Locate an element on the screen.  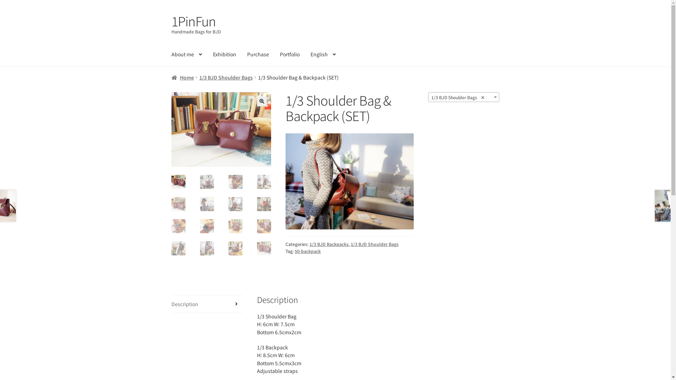
'1/3 BJD Shoulder Bags' is located at coordinates (226, 77).